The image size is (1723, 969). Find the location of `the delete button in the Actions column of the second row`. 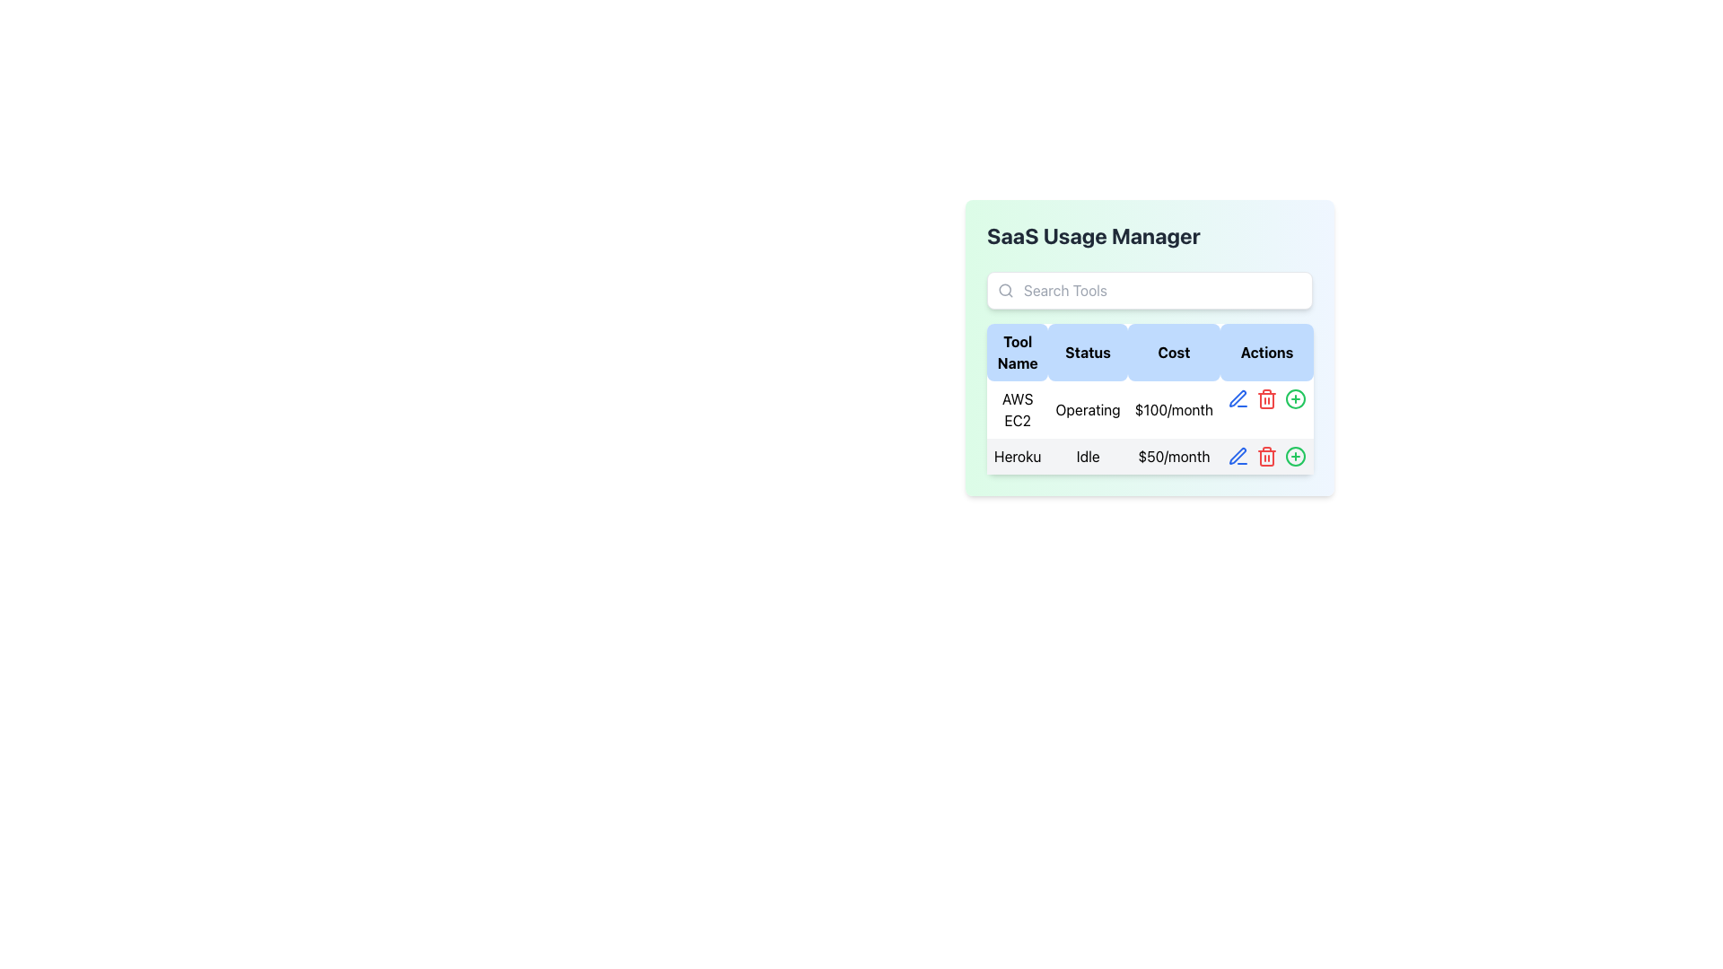

the delete button in the Actions column of the second row is located at coordinates (1265, 397).